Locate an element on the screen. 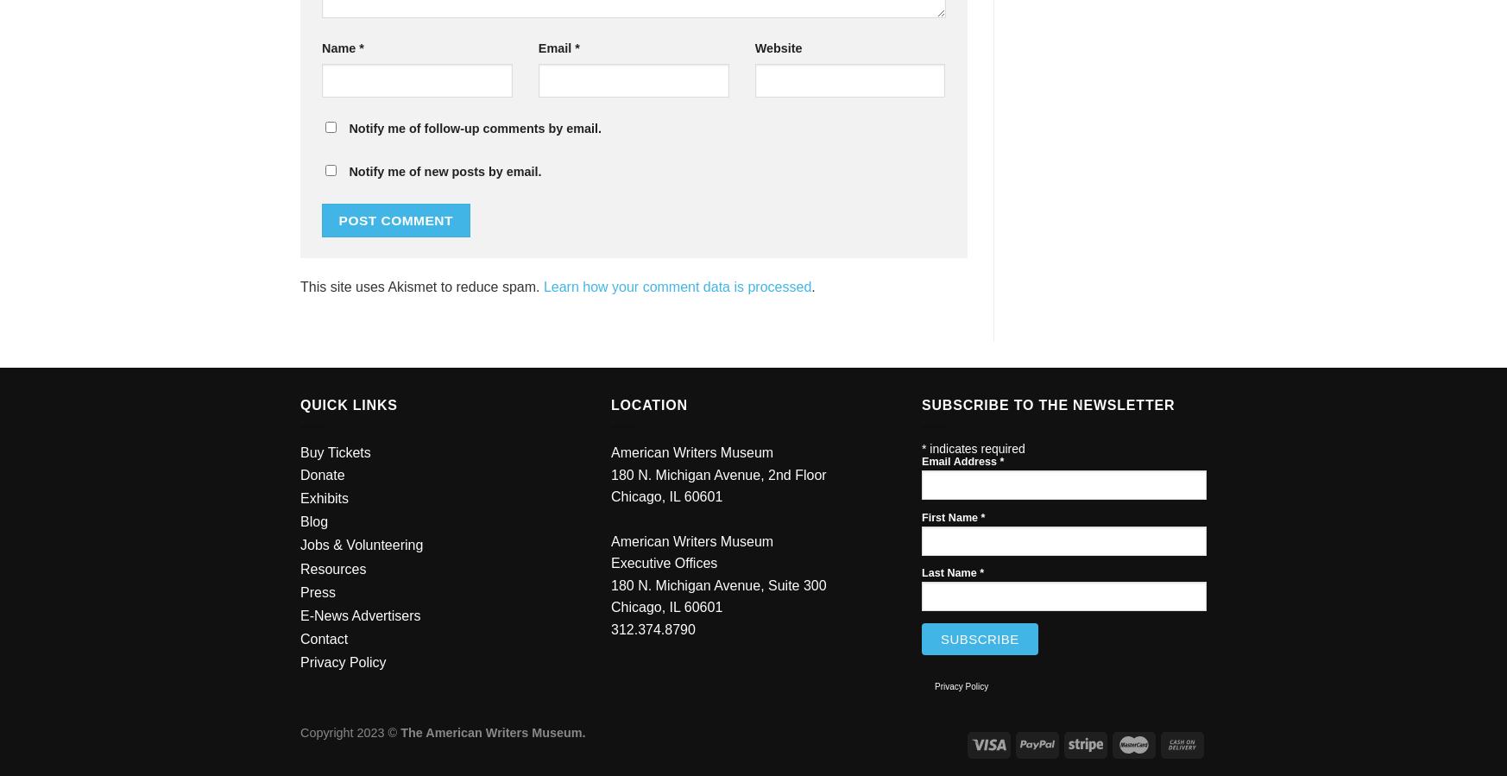 This screenshot has width=1507, height=776. 'The American Writers Museum.' is located at coordinates (491, 732).